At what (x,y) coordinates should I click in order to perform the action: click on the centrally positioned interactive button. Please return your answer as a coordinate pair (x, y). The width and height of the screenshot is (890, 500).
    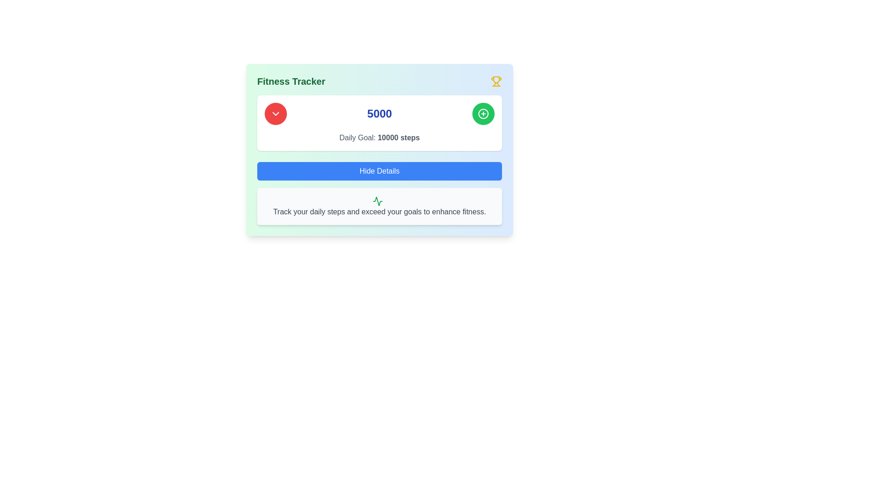
    Looking at the image, I should click on (380, 171).